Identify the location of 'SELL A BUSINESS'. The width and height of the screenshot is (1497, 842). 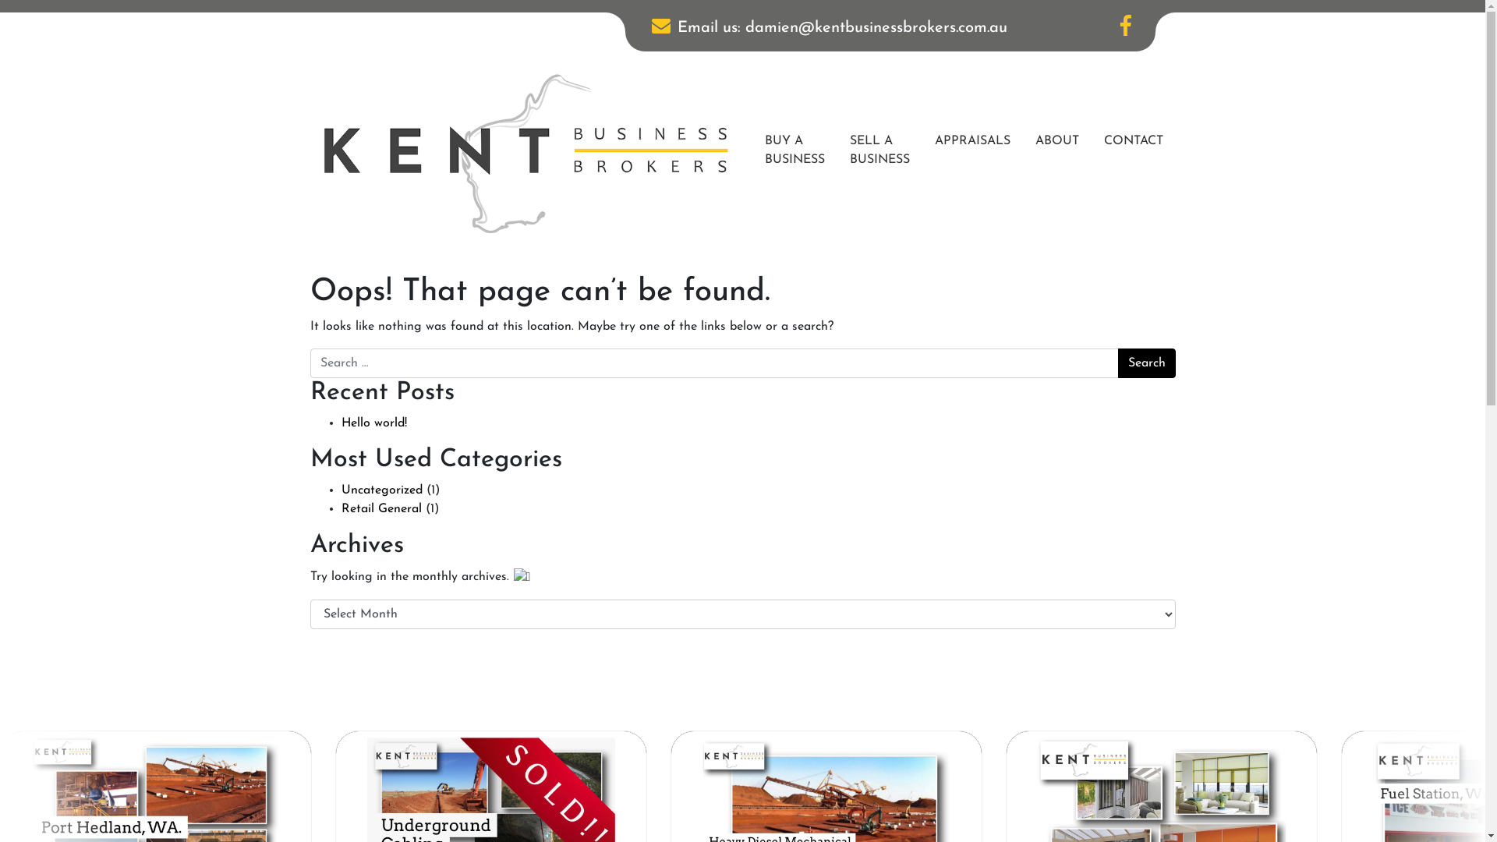
(879, 150).